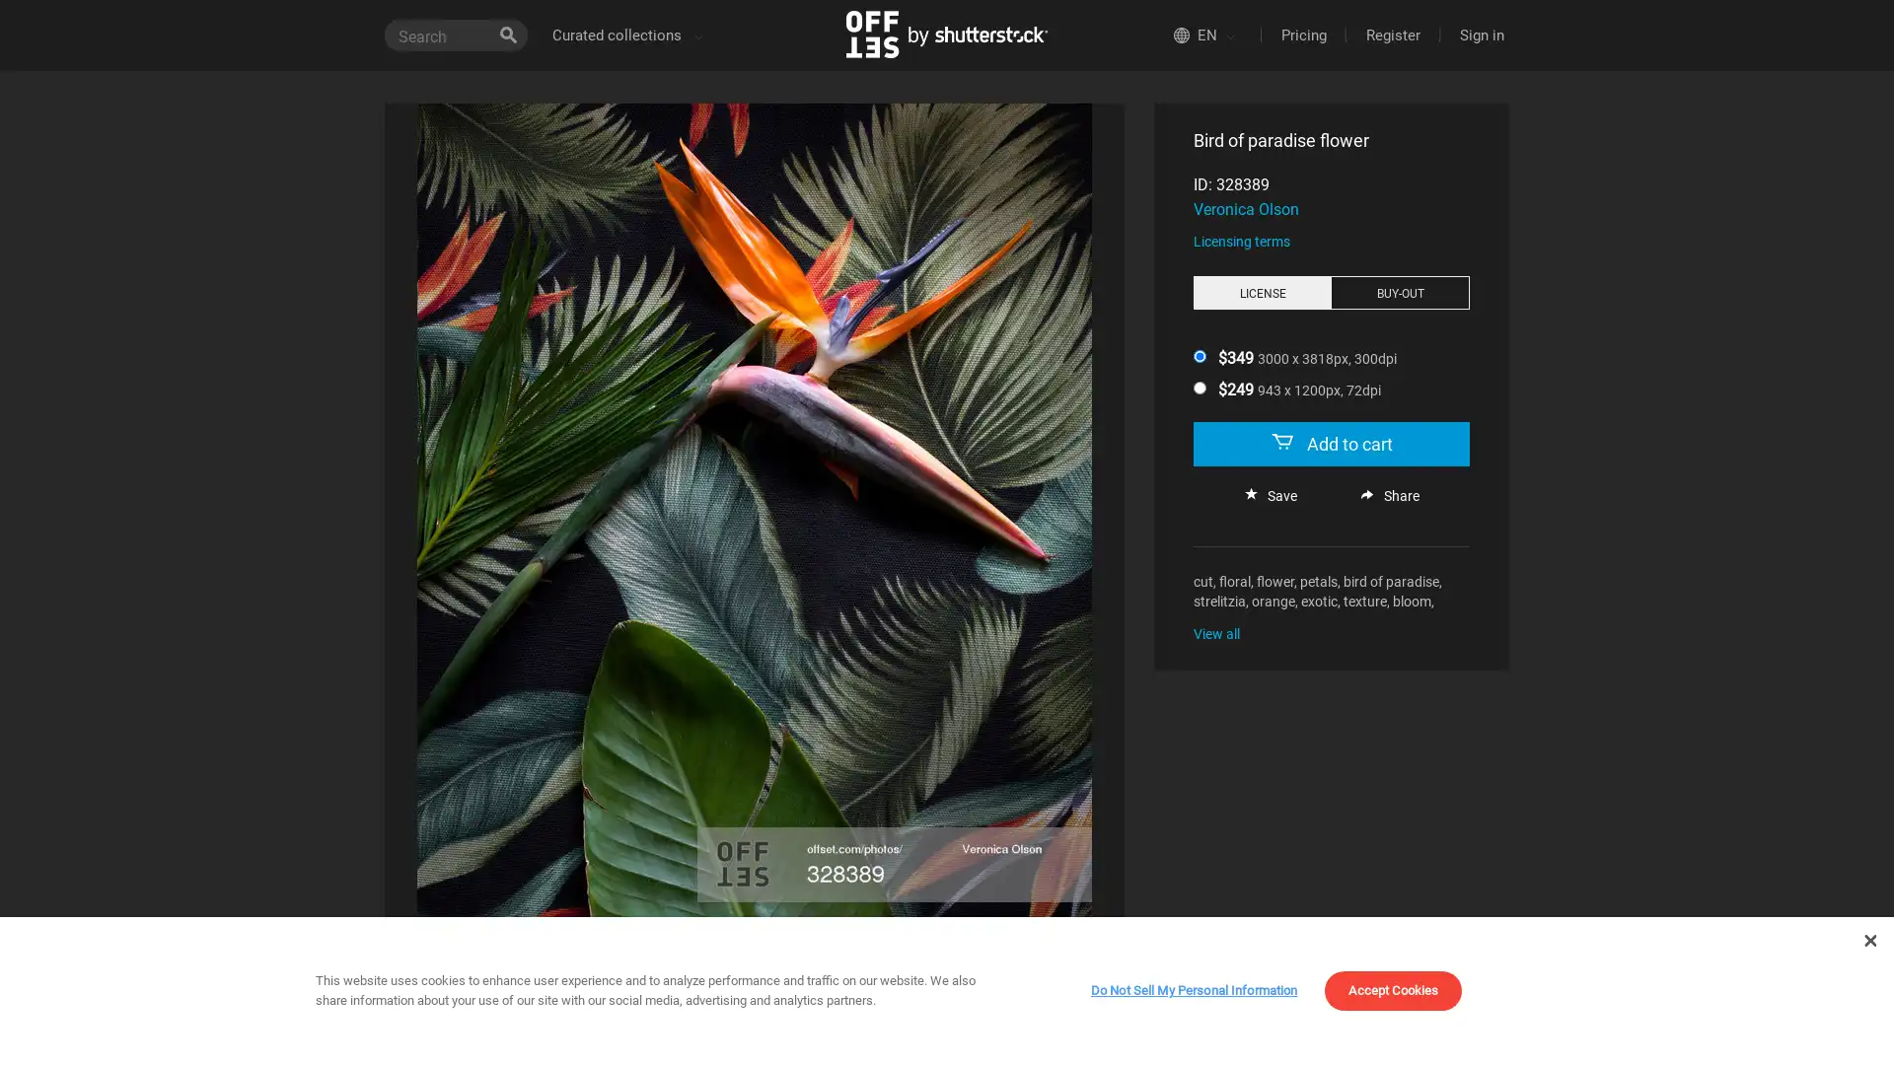 The height and width of the screenshot is (1065, 1894). I want to click on Accept Cookies, so click(1392, 990).